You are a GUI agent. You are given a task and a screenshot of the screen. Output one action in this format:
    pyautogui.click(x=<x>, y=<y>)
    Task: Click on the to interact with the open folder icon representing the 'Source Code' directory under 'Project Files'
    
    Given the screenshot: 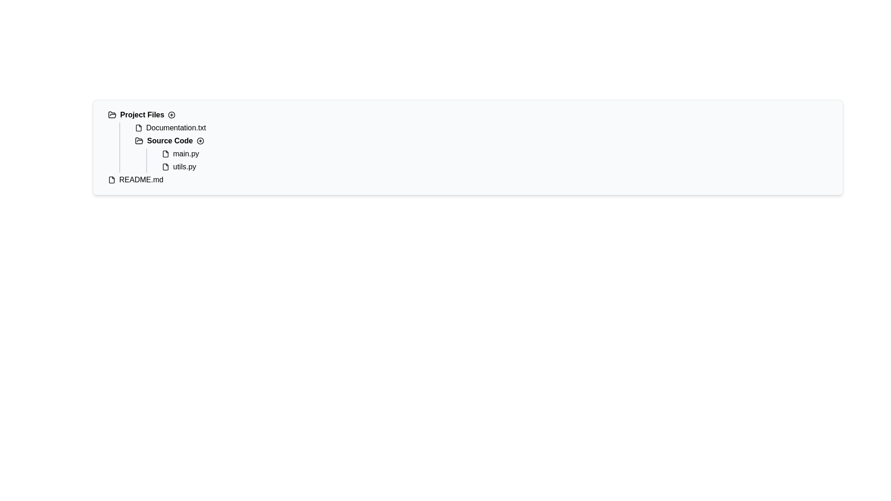 What is the action you would take?
    pyautogui.click(x=138, y=141)
    